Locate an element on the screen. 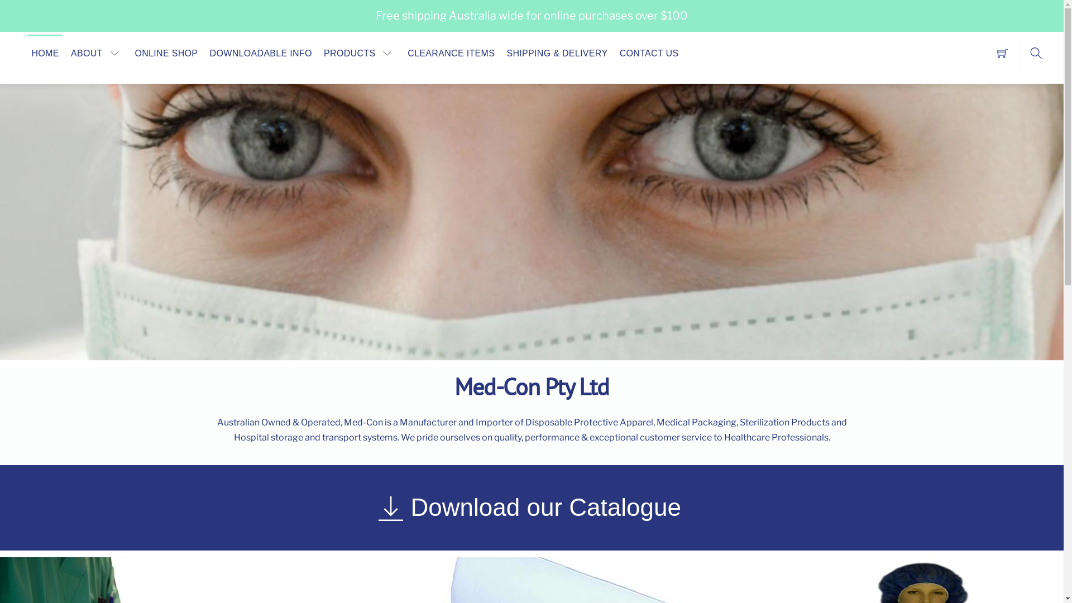  'Download our Catalogue' is located at coordinates (532, 508).